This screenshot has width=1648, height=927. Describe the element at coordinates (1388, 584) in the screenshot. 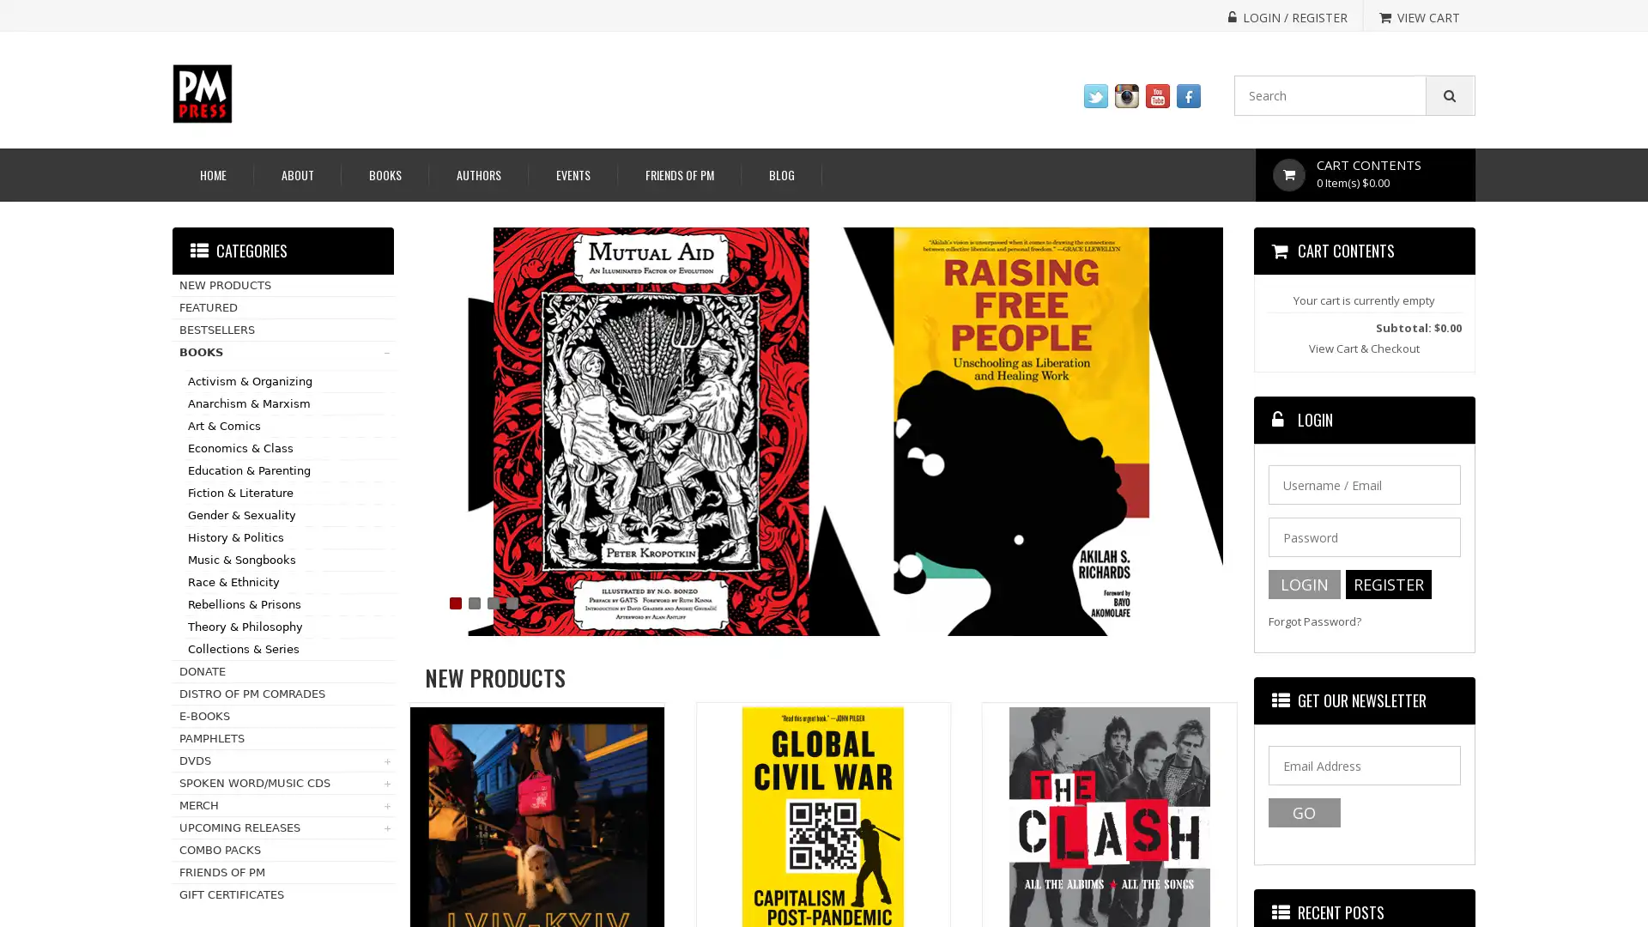

I see `Register` at that location.